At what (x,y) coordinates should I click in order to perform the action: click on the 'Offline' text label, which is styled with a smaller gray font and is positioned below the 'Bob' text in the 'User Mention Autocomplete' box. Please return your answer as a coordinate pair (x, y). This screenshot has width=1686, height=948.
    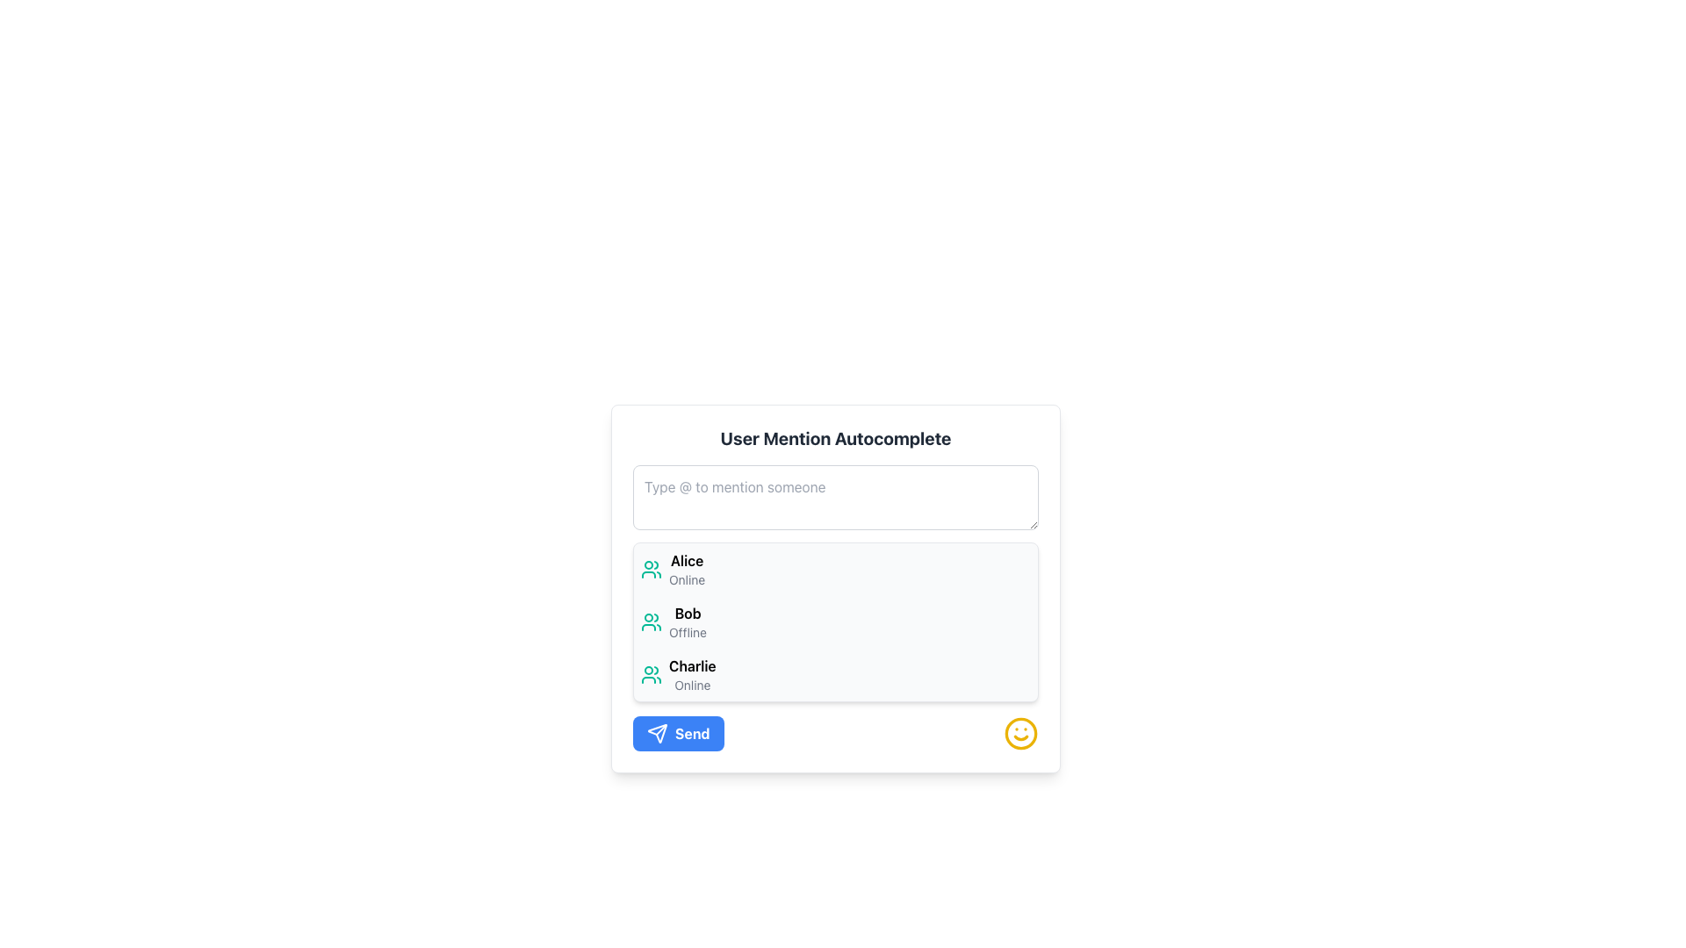
    Looking at the image, I should click on (687, 633).